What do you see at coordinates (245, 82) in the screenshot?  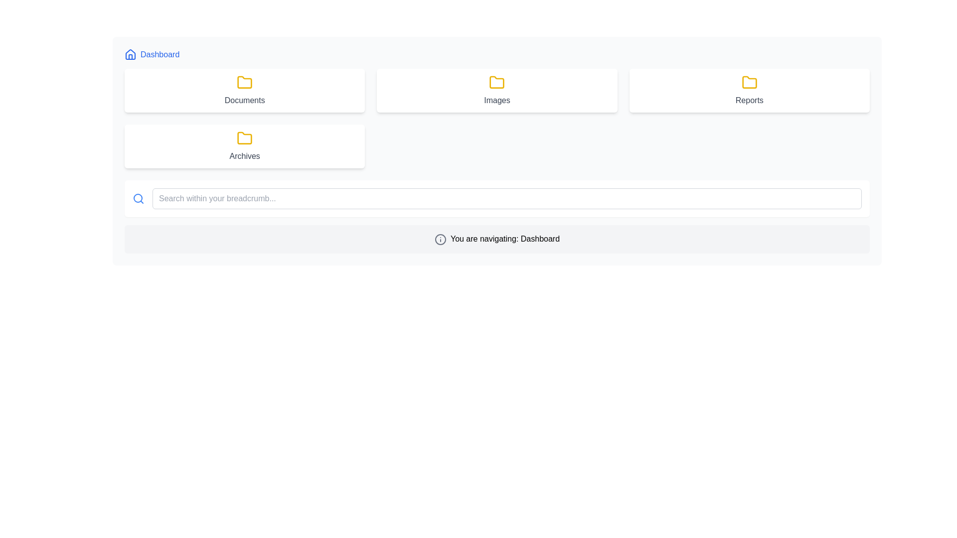 I see `the 'Documents' icon located at the top-center of the UI` at bounding box center [245, 82].